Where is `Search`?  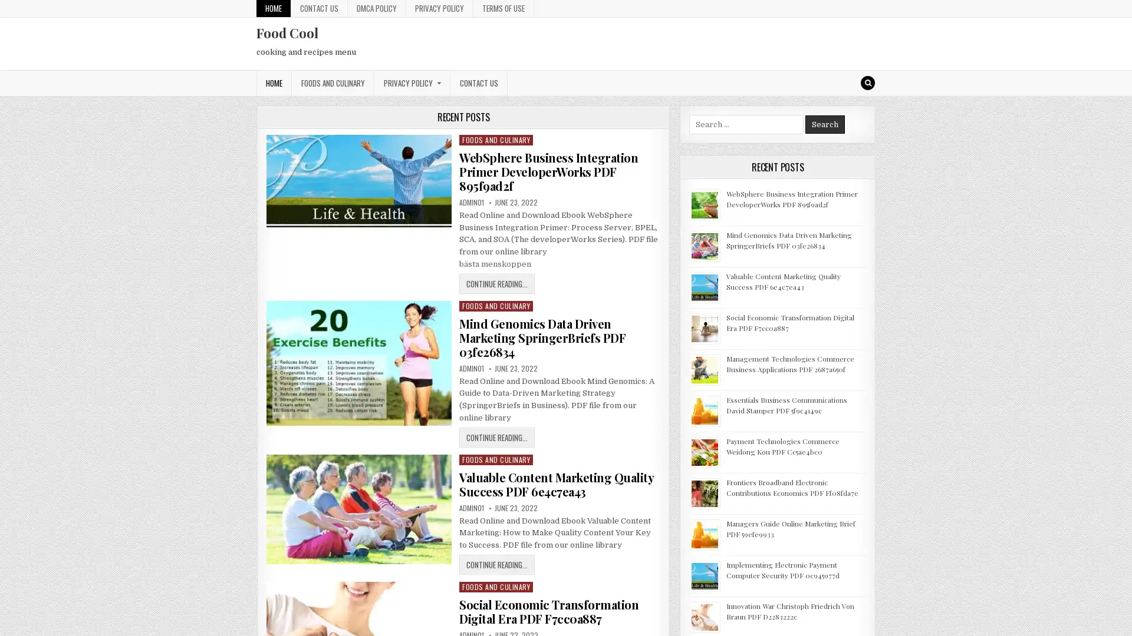
Search is located at coordinates (824, 124).